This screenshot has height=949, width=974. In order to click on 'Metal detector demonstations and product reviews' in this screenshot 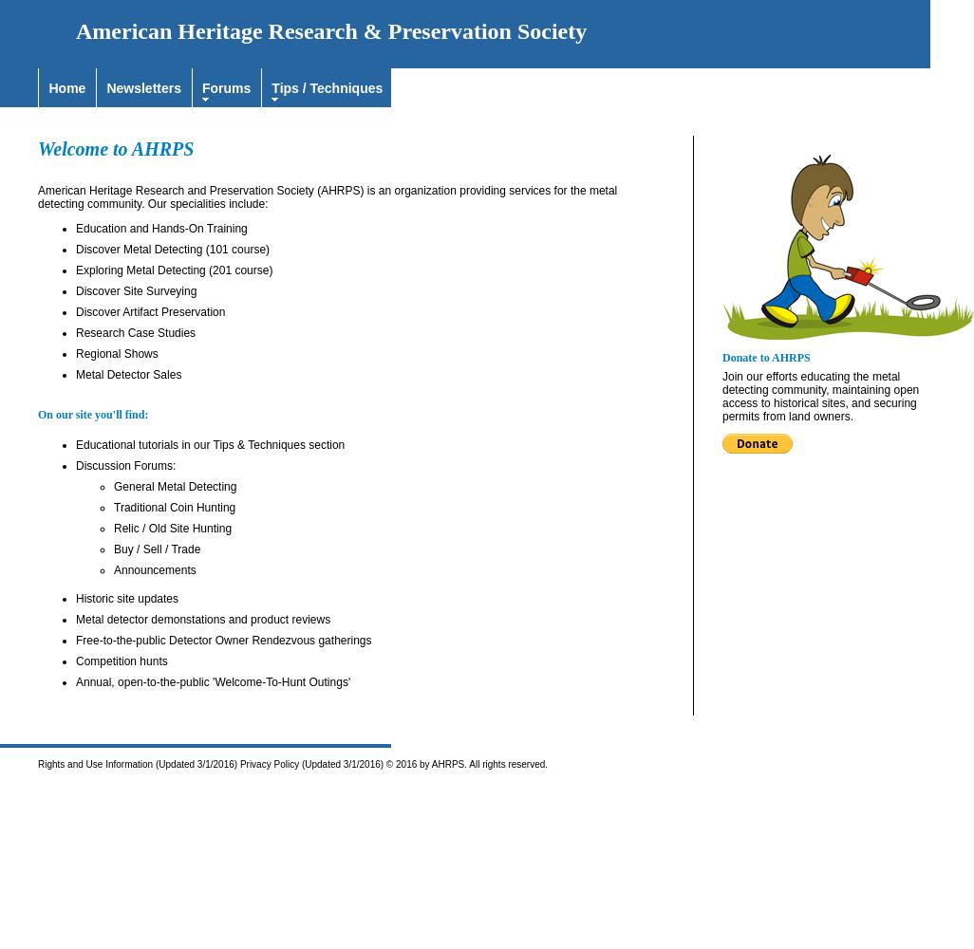, I will do `click(203, 620)`.